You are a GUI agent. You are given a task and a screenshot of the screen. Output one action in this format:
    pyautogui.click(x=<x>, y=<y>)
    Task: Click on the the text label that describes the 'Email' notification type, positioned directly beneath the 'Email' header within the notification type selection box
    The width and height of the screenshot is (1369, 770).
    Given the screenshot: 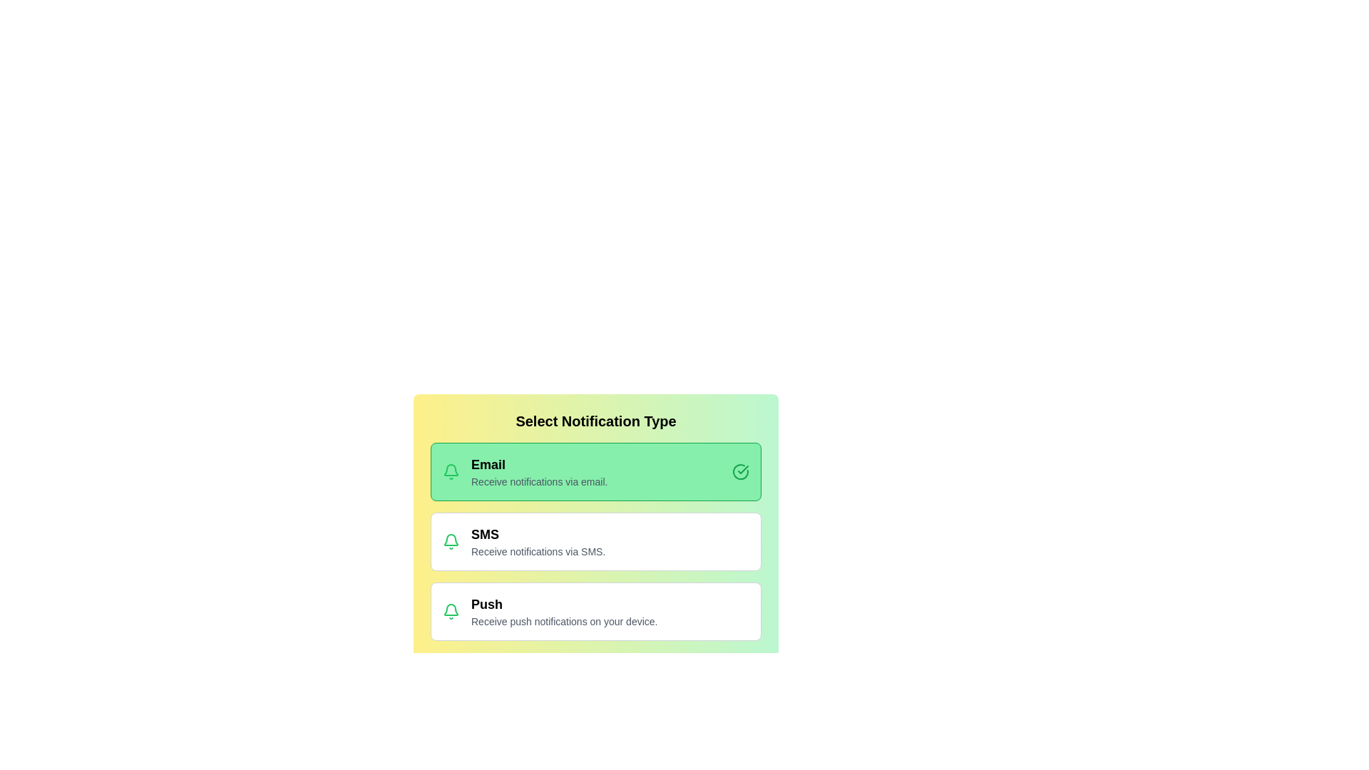 What is the action you would take?
    pyautogui.click(x=602, y=481)
    